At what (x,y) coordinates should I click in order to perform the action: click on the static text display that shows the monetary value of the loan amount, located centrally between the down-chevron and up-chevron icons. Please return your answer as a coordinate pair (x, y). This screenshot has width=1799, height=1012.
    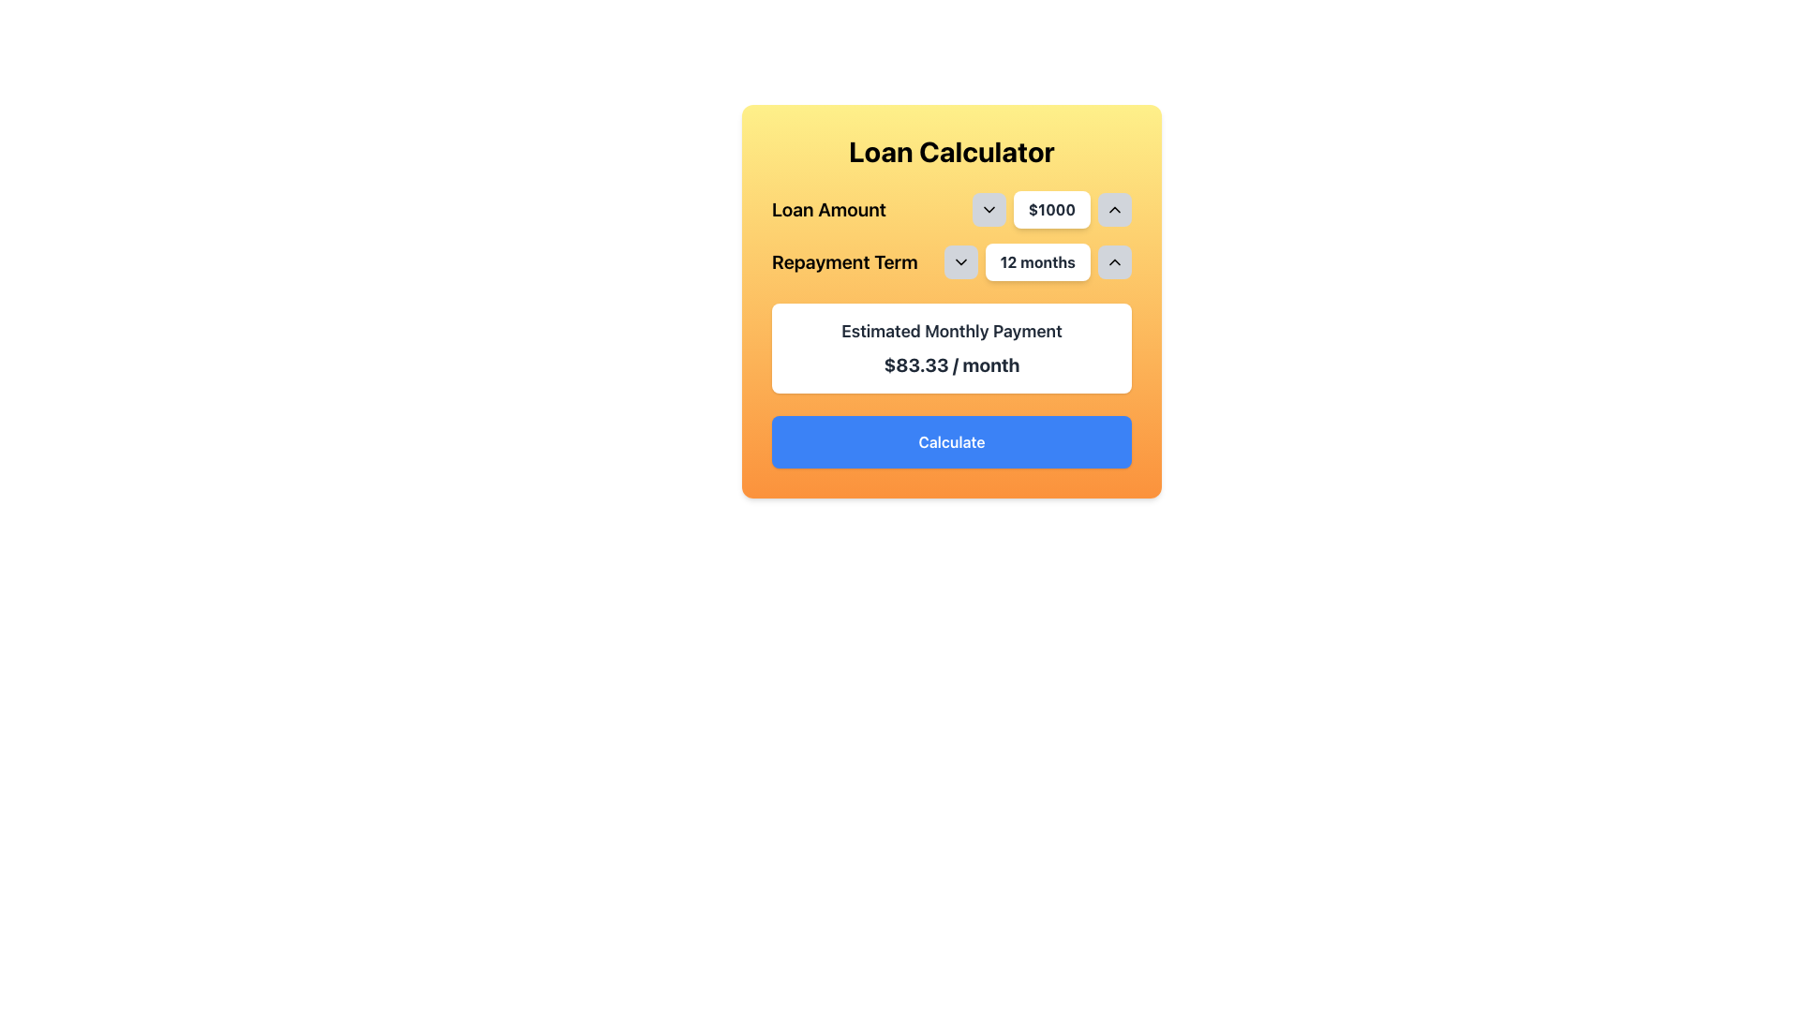
    Looking at the image, I should click on (1051, 209).